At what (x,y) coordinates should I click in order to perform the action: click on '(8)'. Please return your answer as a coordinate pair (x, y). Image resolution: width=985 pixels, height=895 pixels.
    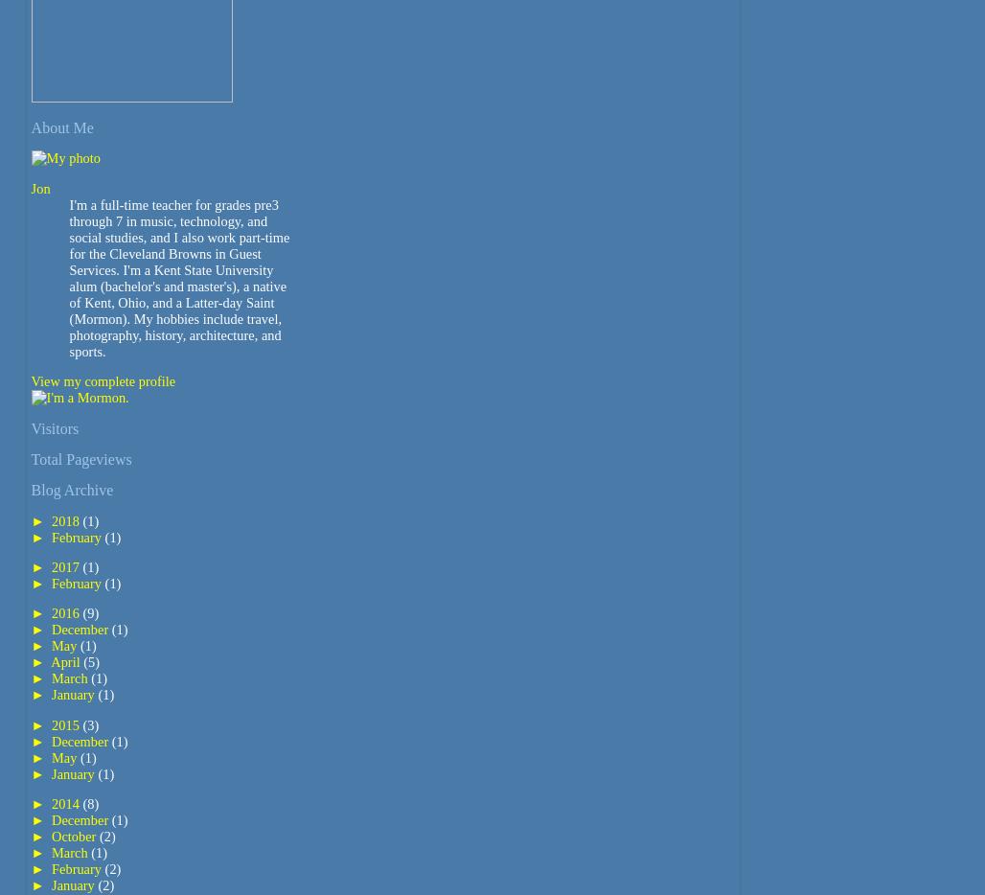
    Looking at the image, I should click on (89, 804).